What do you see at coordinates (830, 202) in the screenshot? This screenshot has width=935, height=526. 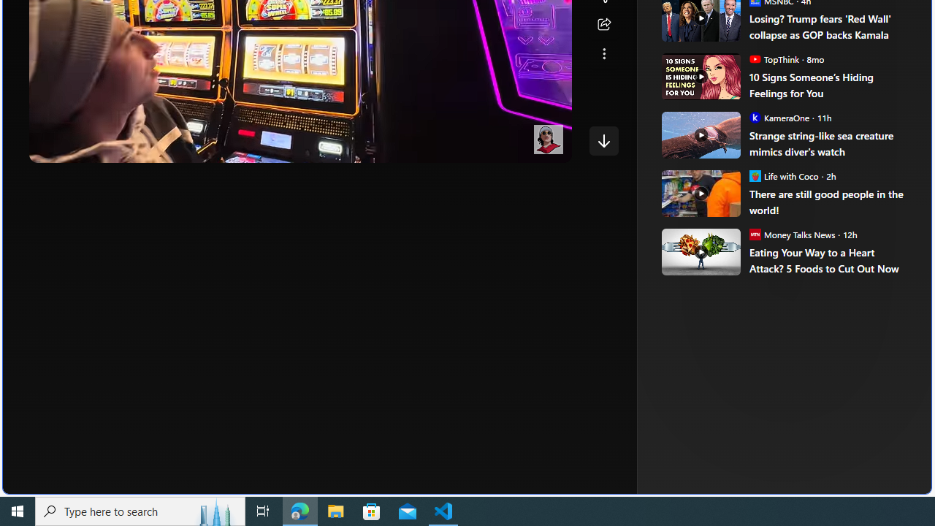 I see `'There are still good people in the world!'` at bounding box center [830, 202].